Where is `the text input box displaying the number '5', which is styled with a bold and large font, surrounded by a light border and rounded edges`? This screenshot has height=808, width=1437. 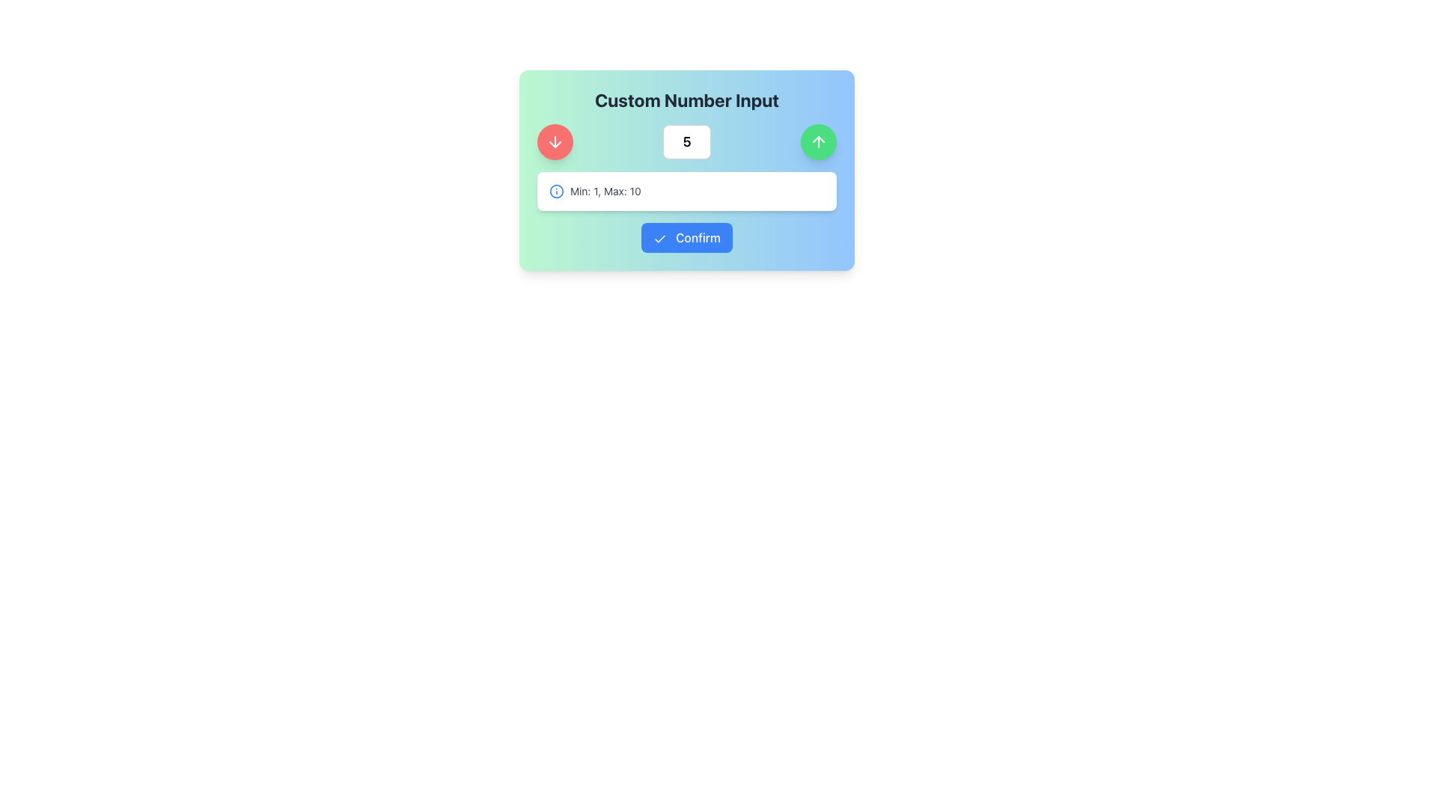 the text input box displaying the number '5', which is styled with a bold and large font, surrounded by a light border and rounded edges is located at coordinates (686, 141).